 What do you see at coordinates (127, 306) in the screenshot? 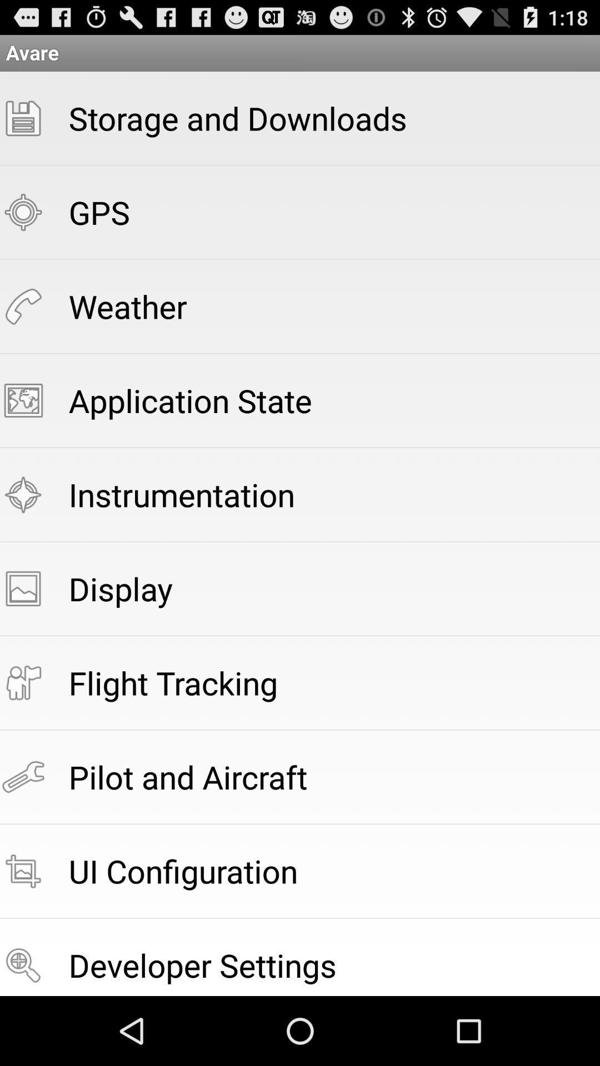
I see `the icon below the gps item` at bounding box center [127, 306].